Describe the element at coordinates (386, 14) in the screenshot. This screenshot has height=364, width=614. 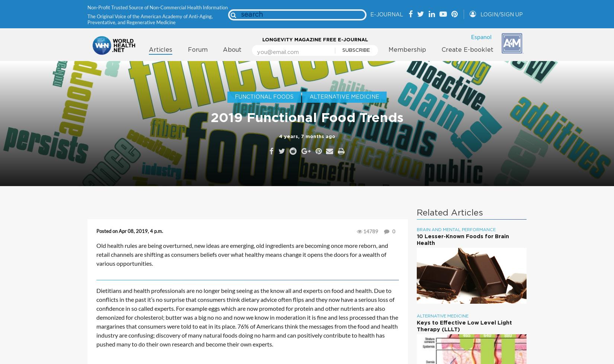
I see `'E-Journal'` at that location.